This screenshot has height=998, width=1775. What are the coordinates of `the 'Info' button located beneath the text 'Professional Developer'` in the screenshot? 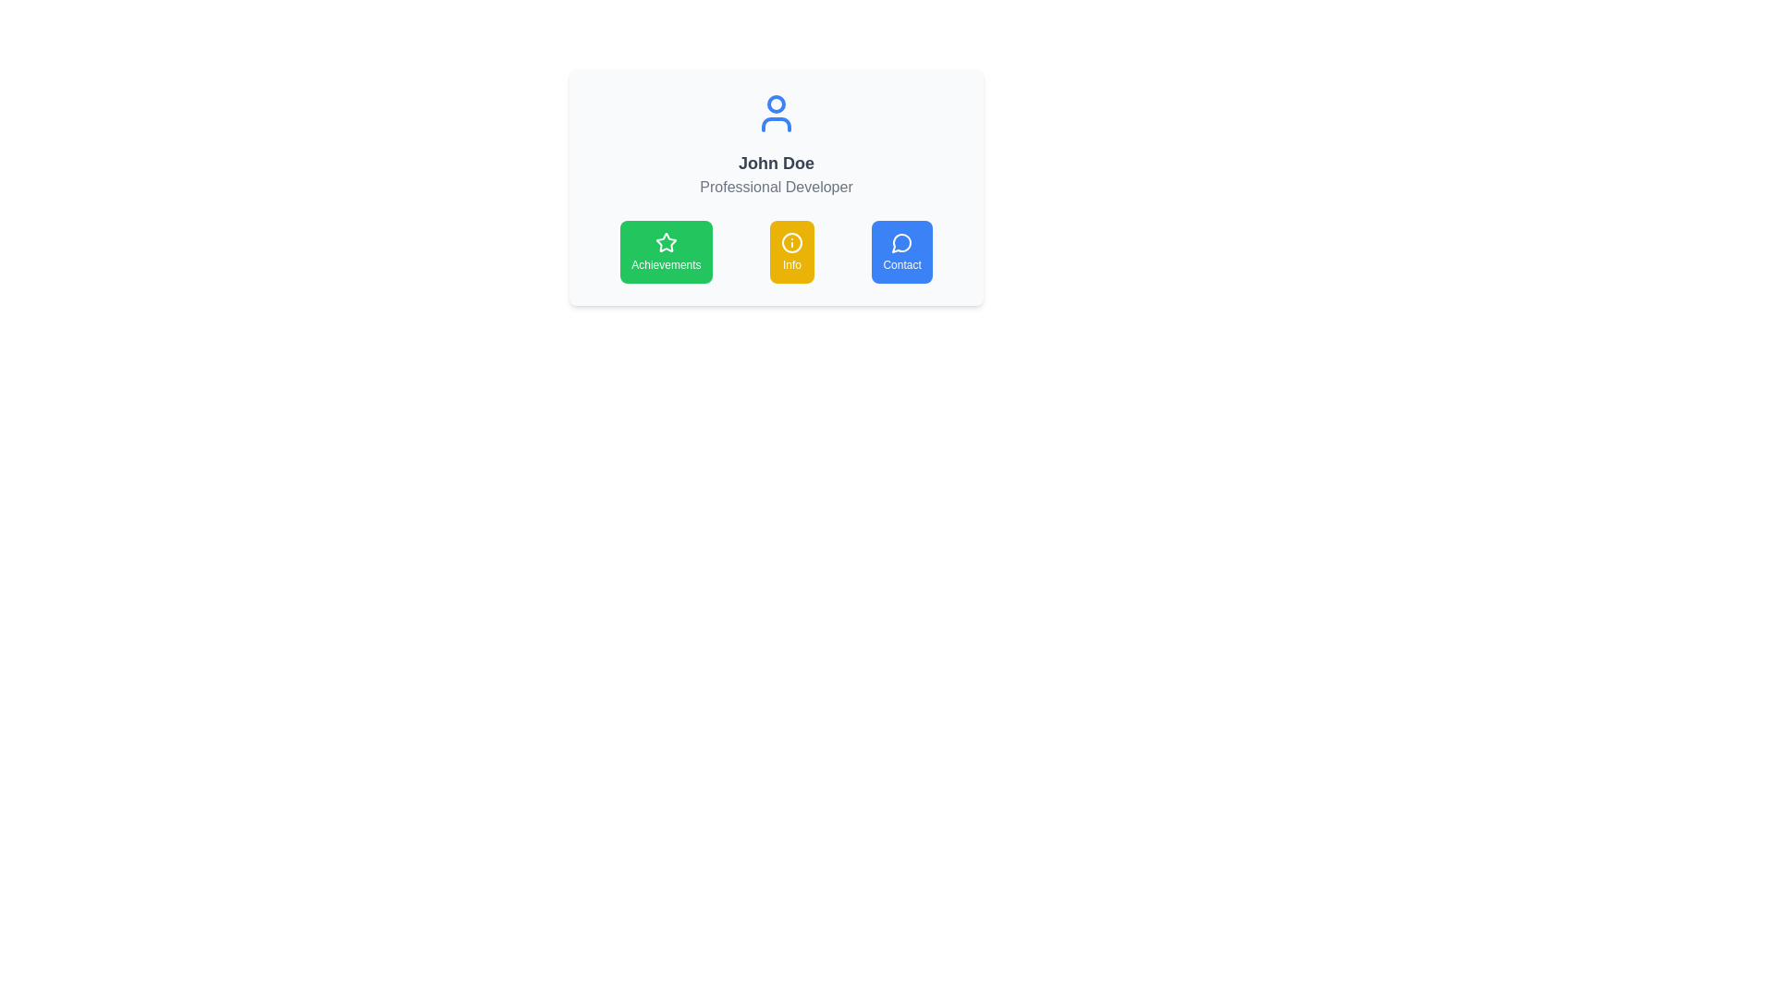 It's located at (777, 252).